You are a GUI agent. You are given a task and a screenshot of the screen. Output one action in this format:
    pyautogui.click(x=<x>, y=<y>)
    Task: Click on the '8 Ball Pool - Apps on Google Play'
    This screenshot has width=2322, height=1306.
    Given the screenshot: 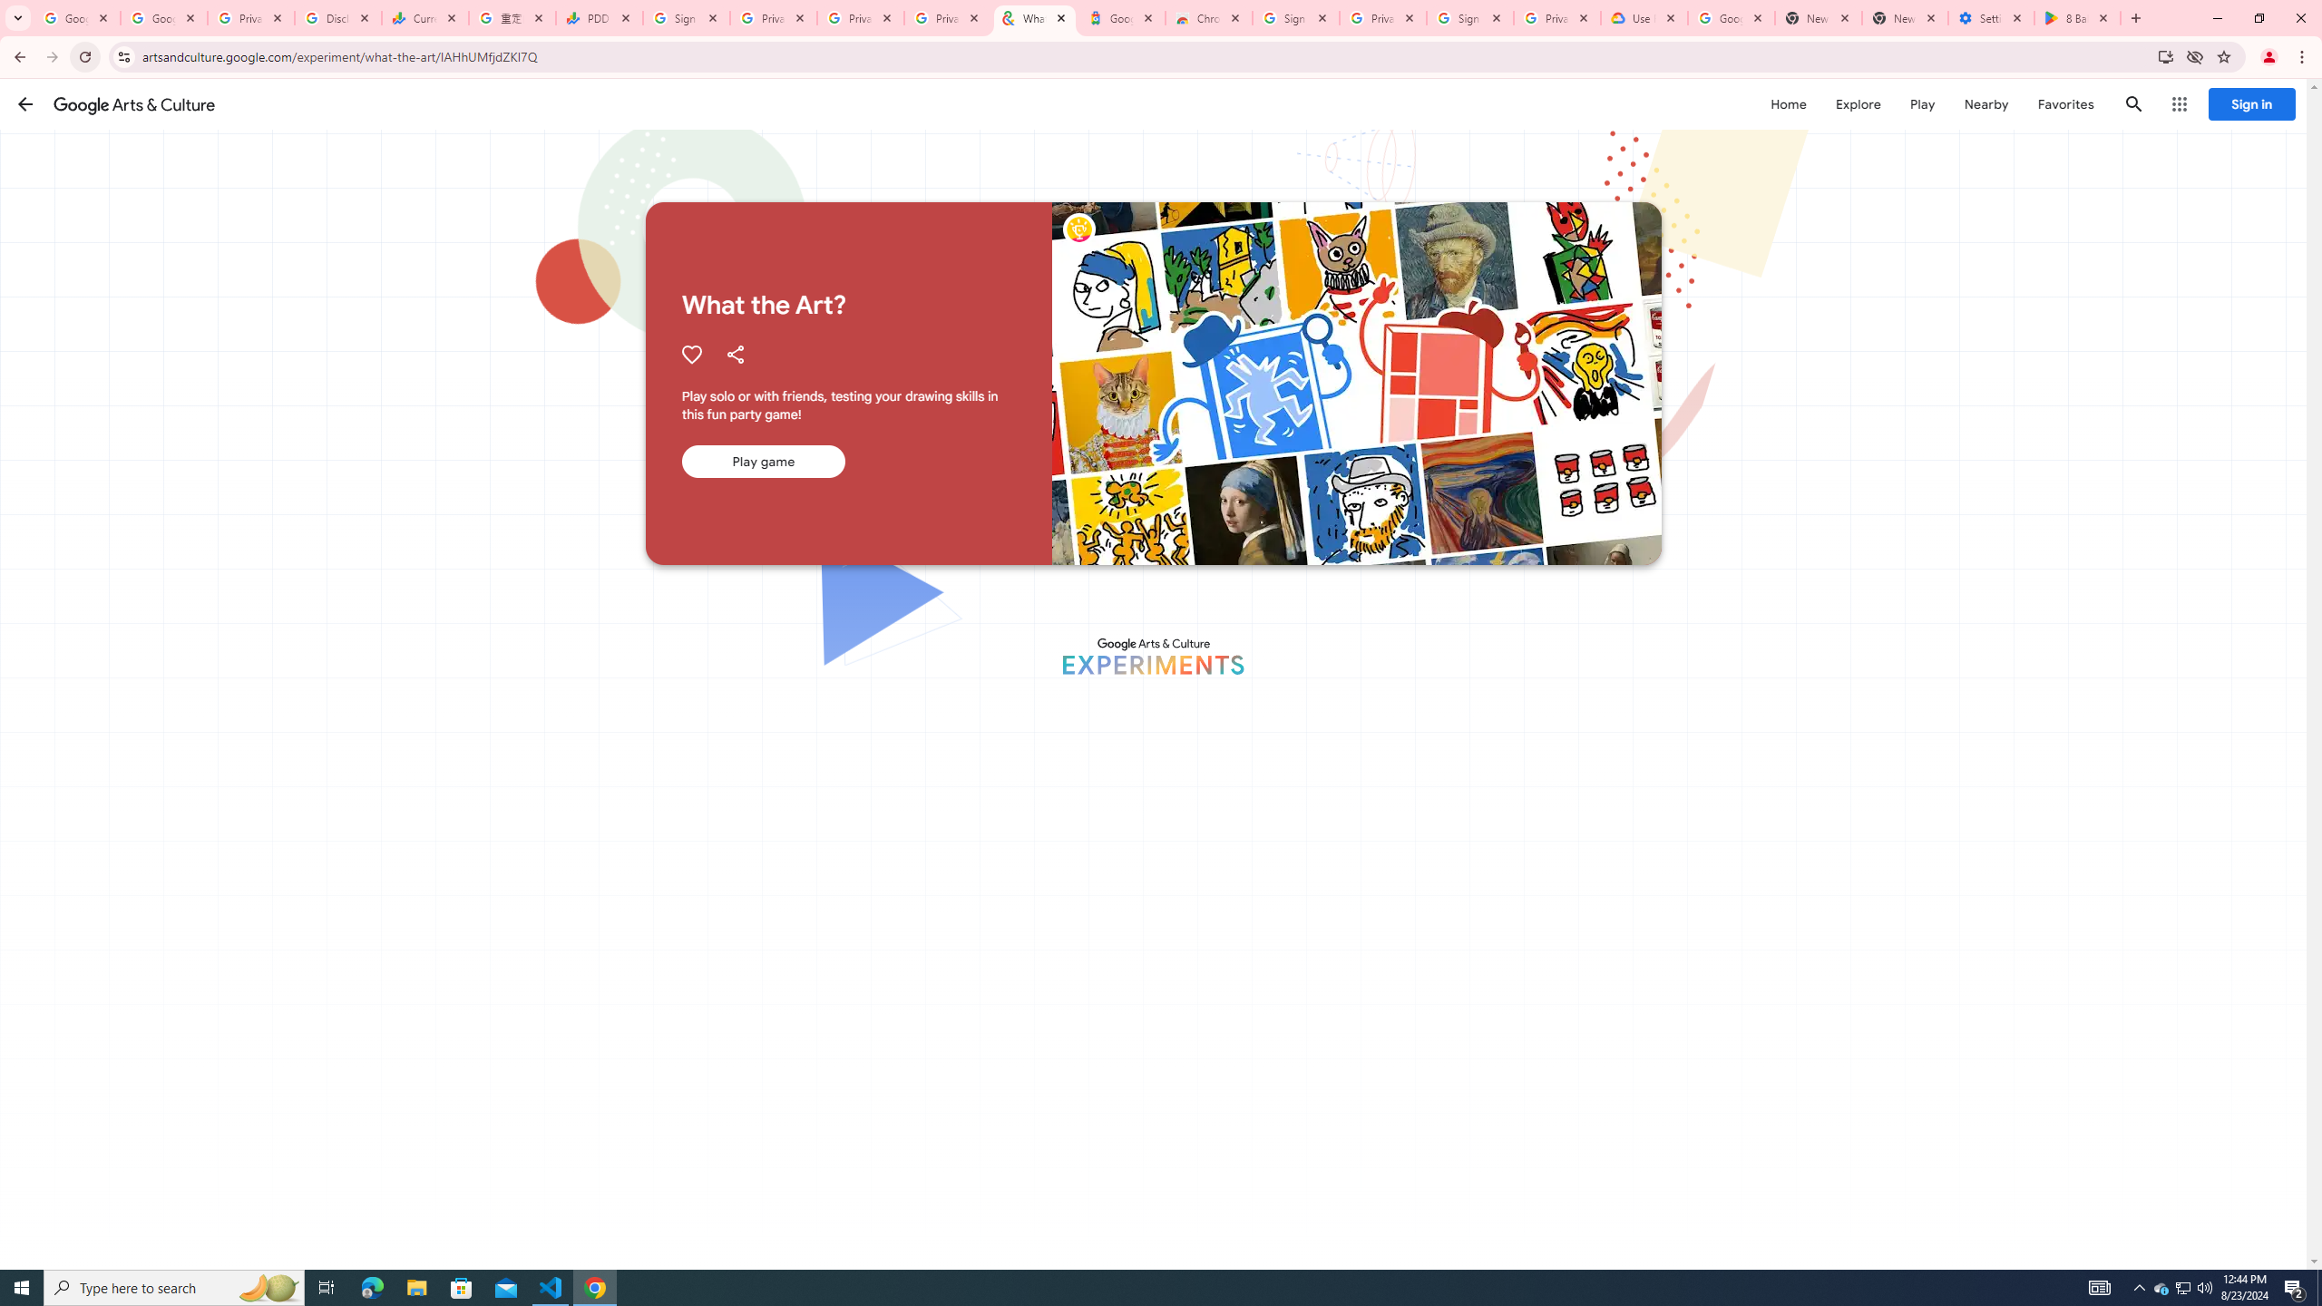 What is the action you would take?
    pyautogui.click(x=2077, y=17)
    